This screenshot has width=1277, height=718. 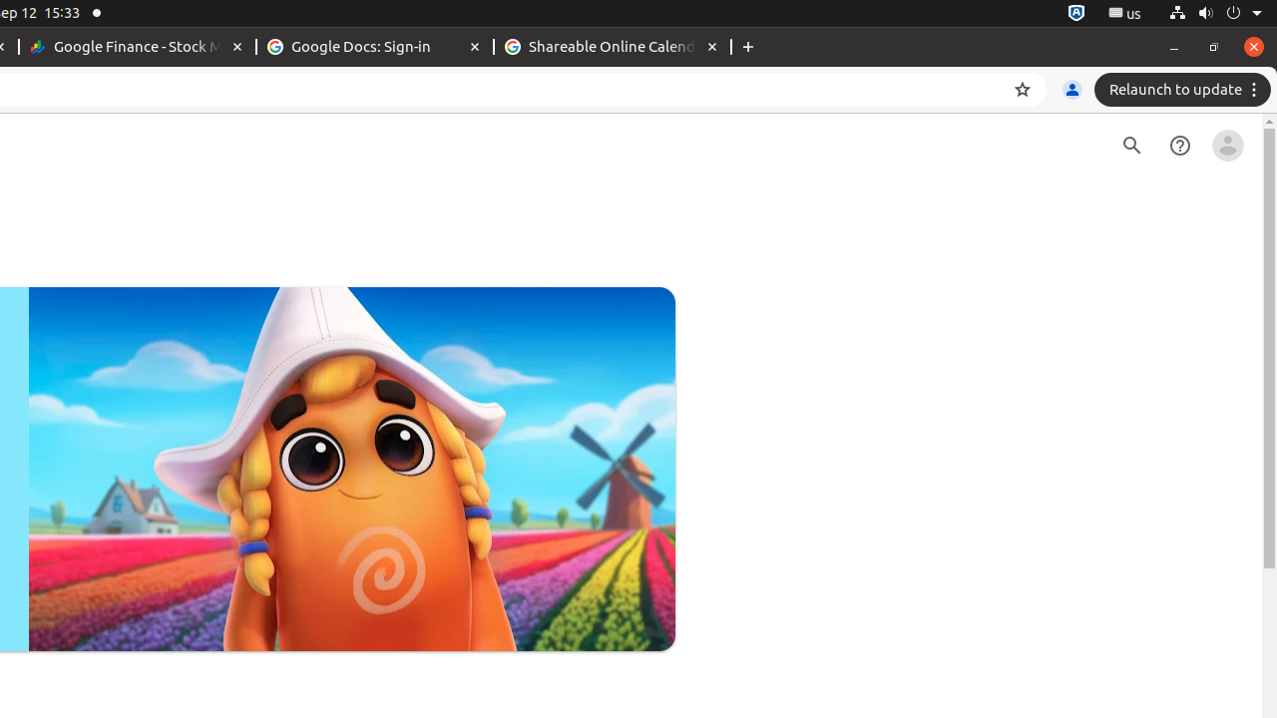 What do you see at coordinates (1075, 13) in the screenshot?
I see `':1.72/StatusNotifierItem'` at bounding box center [1075, 13].